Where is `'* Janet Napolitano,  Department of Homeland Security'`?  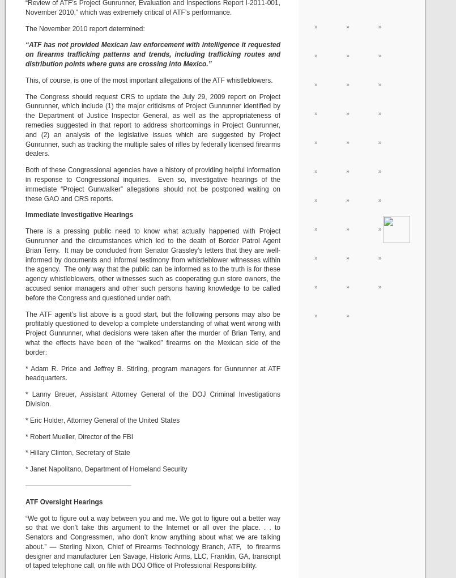 '* Janet Napolitano,  Department of Homeland Security' is located at coordinates (105, 469).